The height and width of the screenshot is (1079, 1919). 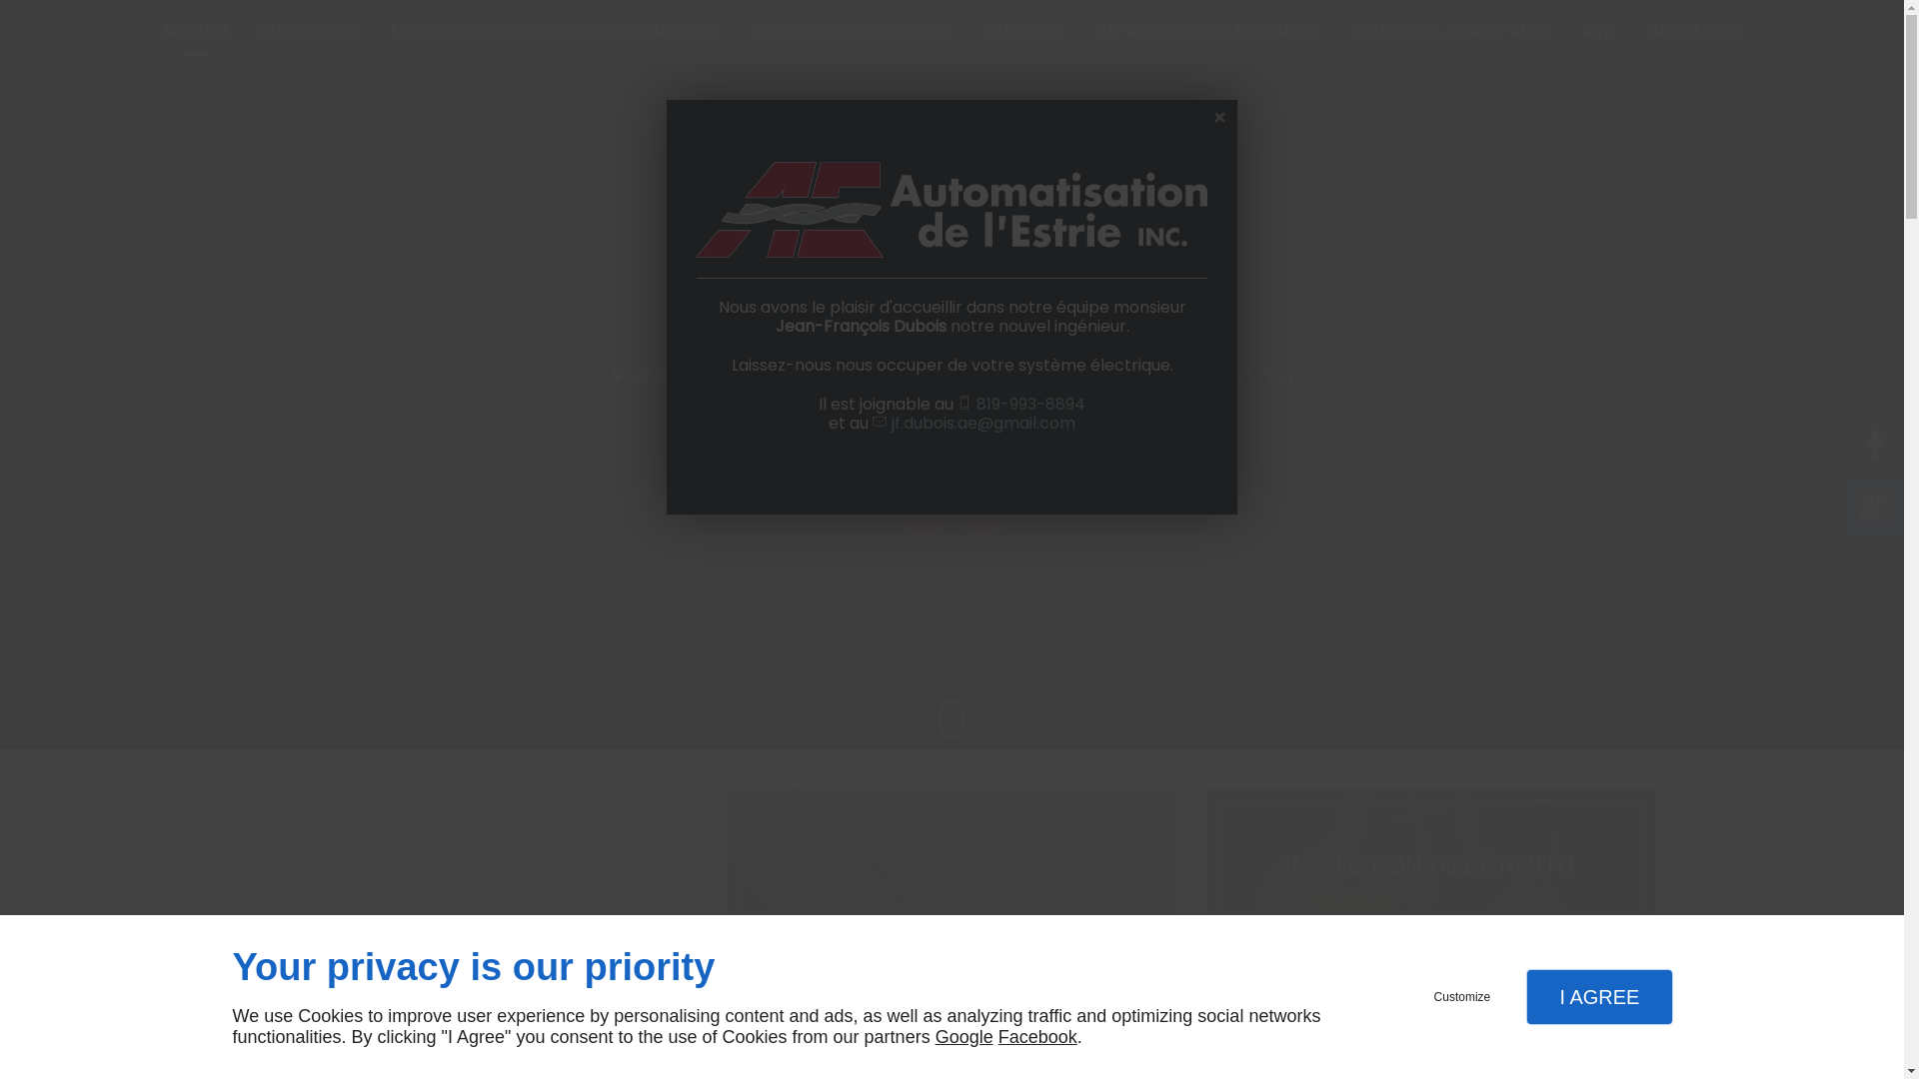 What do you see at coordinates (1030, 404) in the screenshot?
I see `'819-993-8894'` at bounding box center [1030, 404].